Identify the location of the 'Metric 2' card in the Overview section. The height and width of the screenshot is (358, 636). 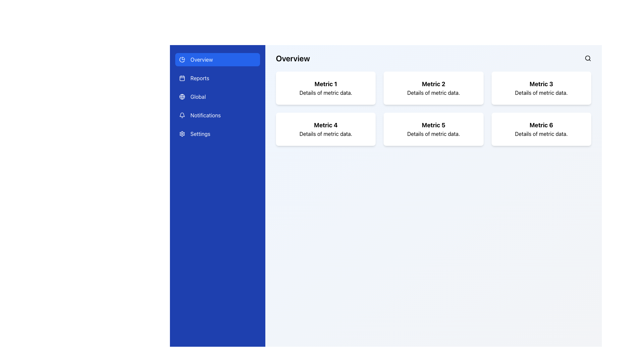
(434, 99).